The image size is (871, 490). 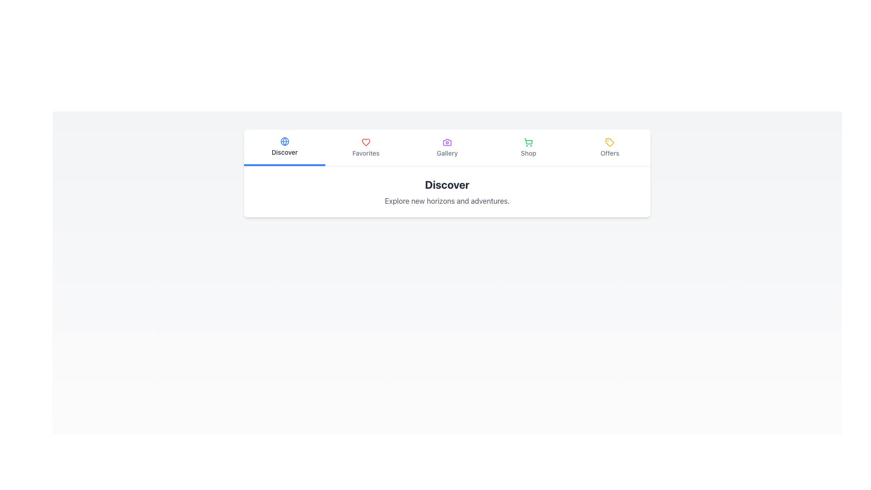 I want to click on the navigation button with a red heart icon labeled 'Favorites', so click(x=366, y=147).